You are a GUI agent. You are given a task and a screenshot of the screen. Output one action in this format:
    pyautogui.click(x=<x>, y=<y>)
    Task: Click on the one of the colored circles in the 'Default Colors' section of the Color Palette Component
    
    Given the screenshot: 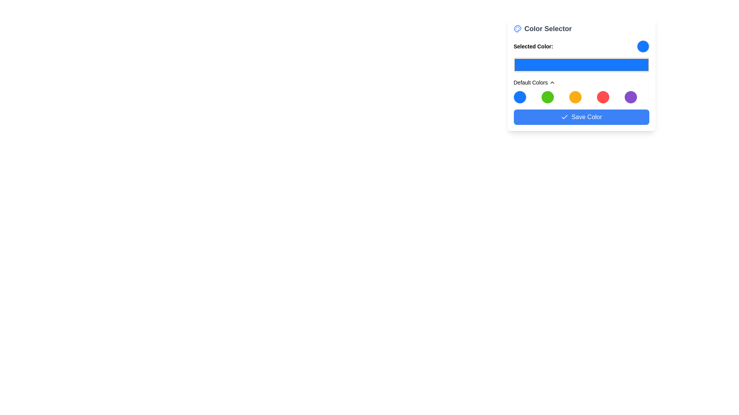 What is the action you would take?
    pyautogui.click(x=581, y=90)
    